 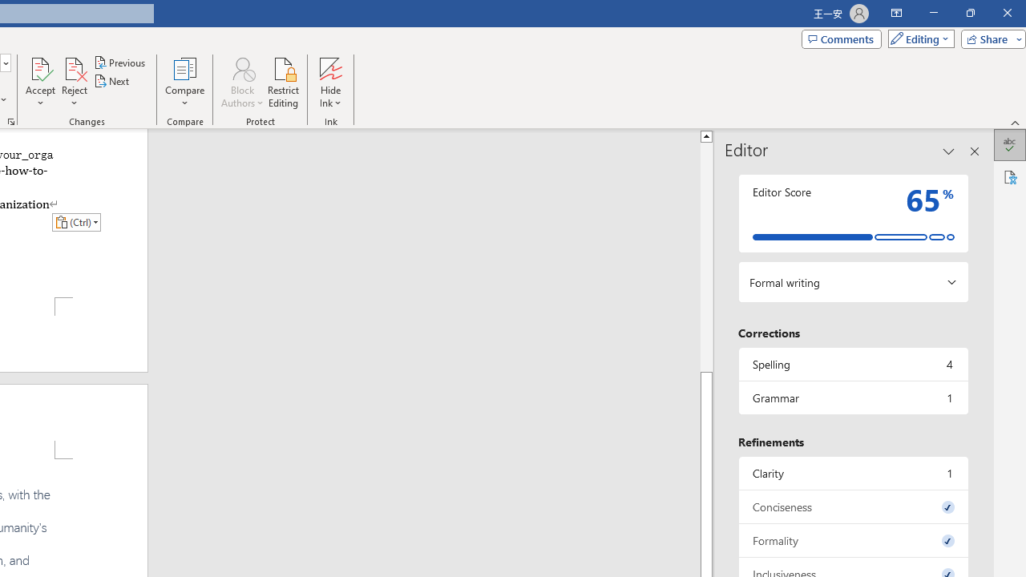 What do you see at coordinates (75, 222) in the screenshot?
I see `'Action: Paste alternatives'` at bounding box center [75, 222].